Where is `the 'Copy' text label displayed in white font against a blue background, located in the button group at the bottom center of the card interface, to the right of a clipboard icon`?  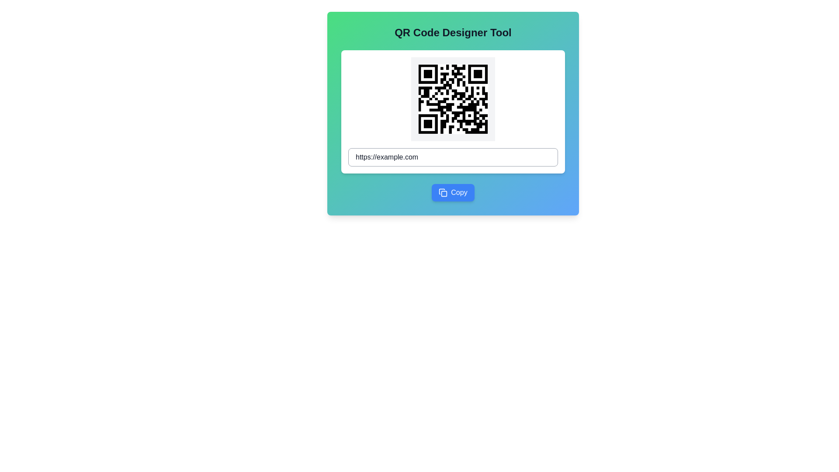 the 'Copy' text label displayed in white font against a blue background, located in the button group at the bottom center of the card interface, to the right of a clipboard icon is located at coordinates (459, 192).